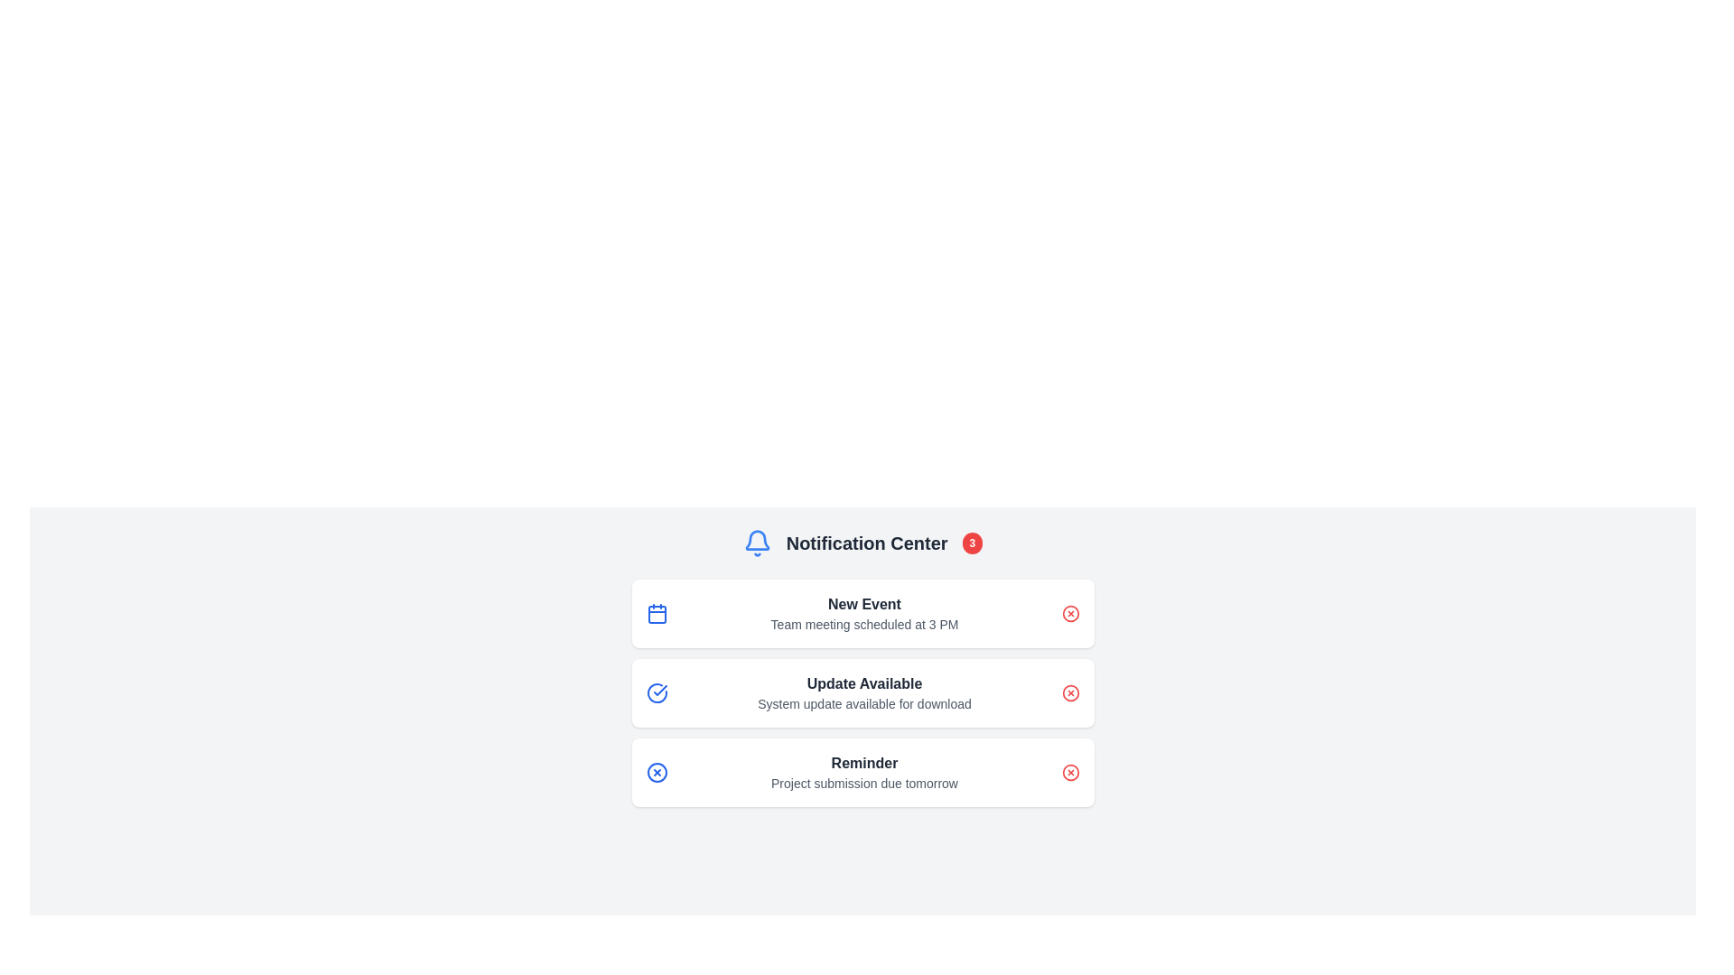  Describe the element at coordinates (863, 684) in the screenshot. I see `the primary text label that informs the user about an available update, positioned at the top of the notification card layout` at that location.